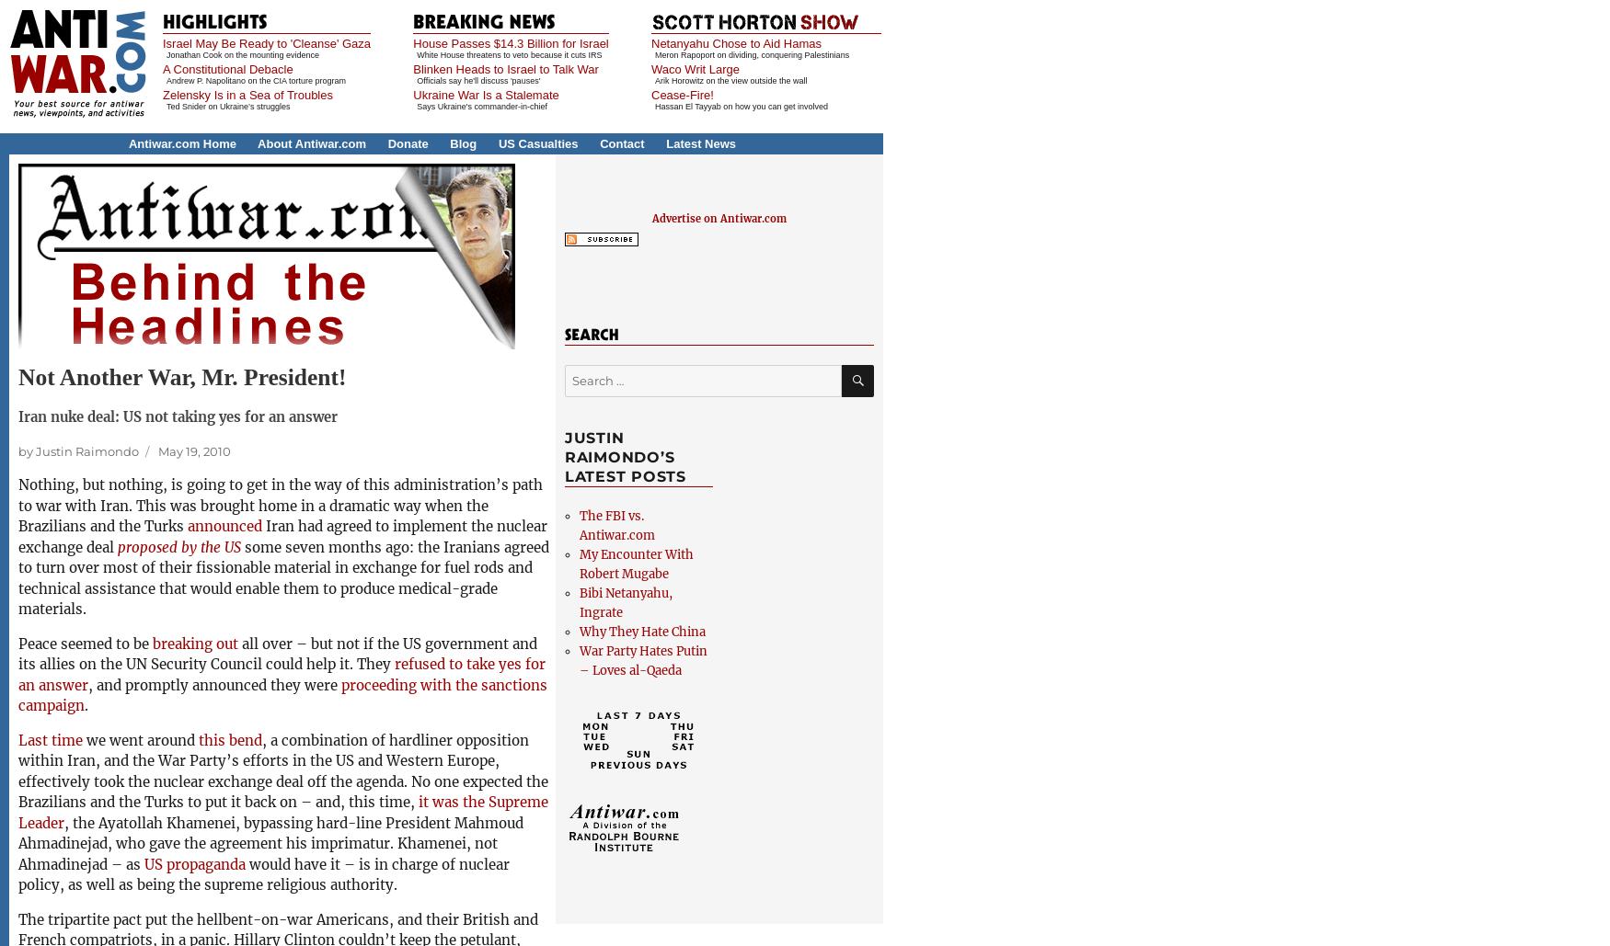 The height and width of the screenshot is (946, 1610). I want to click on 'The FBI vs. Antiwar.com', so click(615, 523).